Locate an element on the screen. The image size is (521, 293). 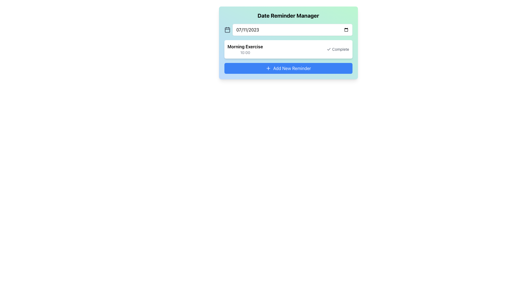
the checkmark icon representing a completed item, which is part of the 'Complete' label for the 'Morning Exercise' reminder is located at coordinates (329, 49).